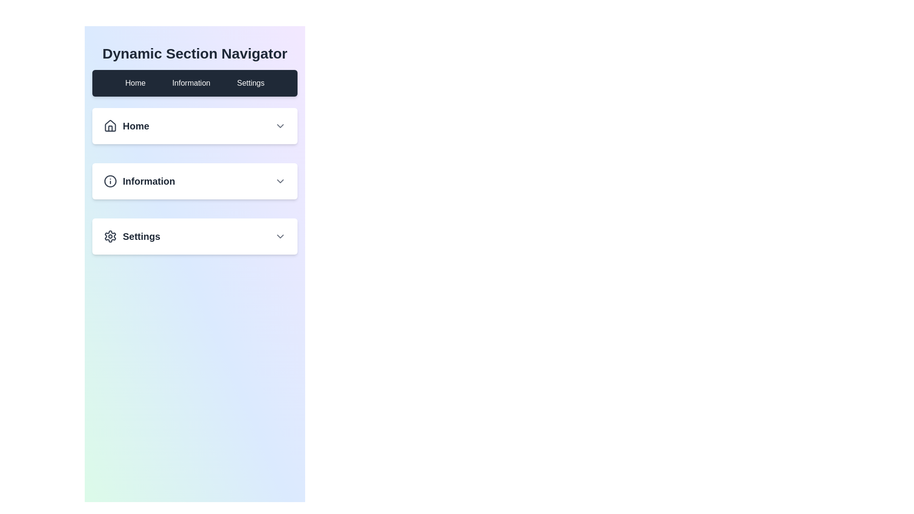 Image resolution: width=914 pixels, height=514 pixels. I want to click on the downward-pointing chevron icon at the far right end of the 'Settings' row in the navigation panel, so click(280, 236).